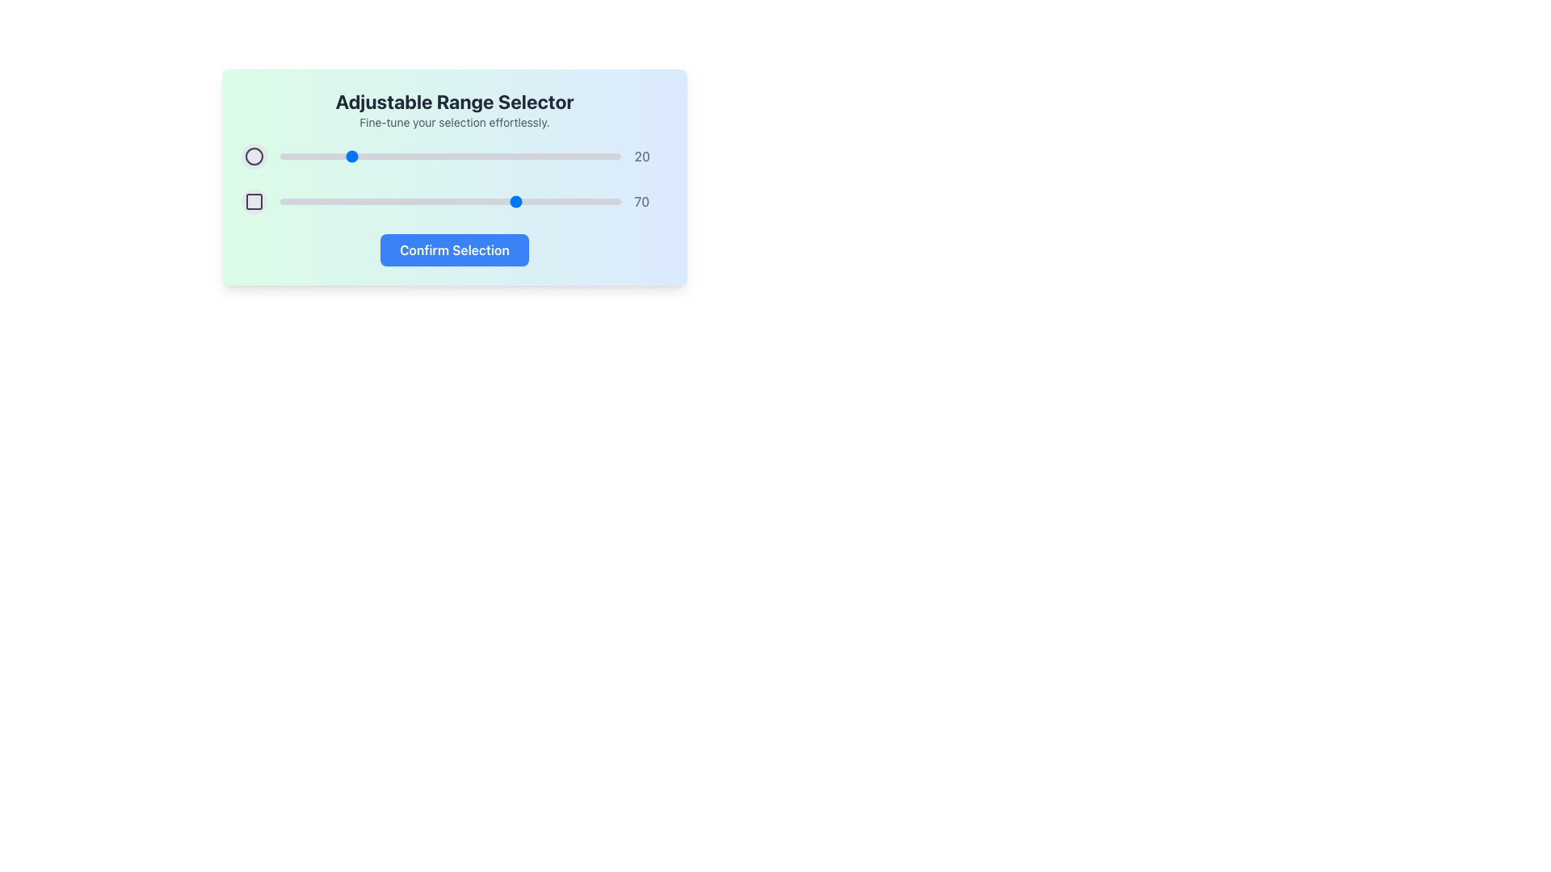 The width and height of the screenshot is (1551, 872). What do you see at coordinates (641, 201) in the screenshot?
I see `displayed number '70' from the static text label styled in medium gray color, aligned horizontally with the range slider component` at bounding box center [641, 201].